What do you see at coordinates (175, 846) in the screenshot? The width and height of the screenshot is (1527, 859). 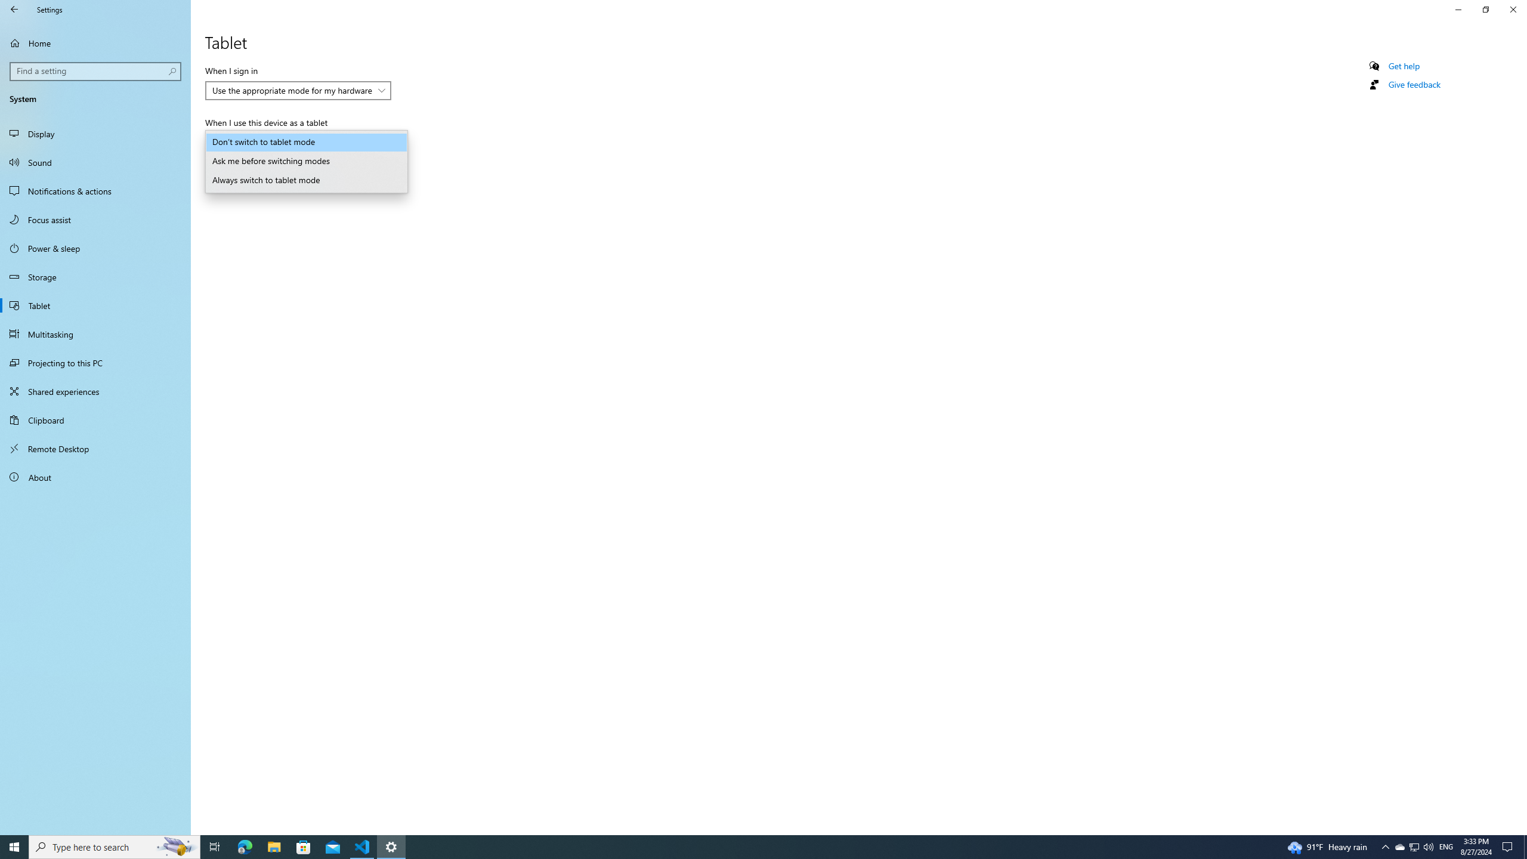 I see `'Search highlights icon opens search home window'` at bounding box center [175, 846].